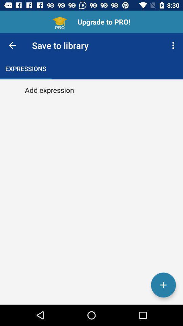 Image resolution: width=183 pixels, height=326 pixels. I want to click on the add icon, so click(163, 285).